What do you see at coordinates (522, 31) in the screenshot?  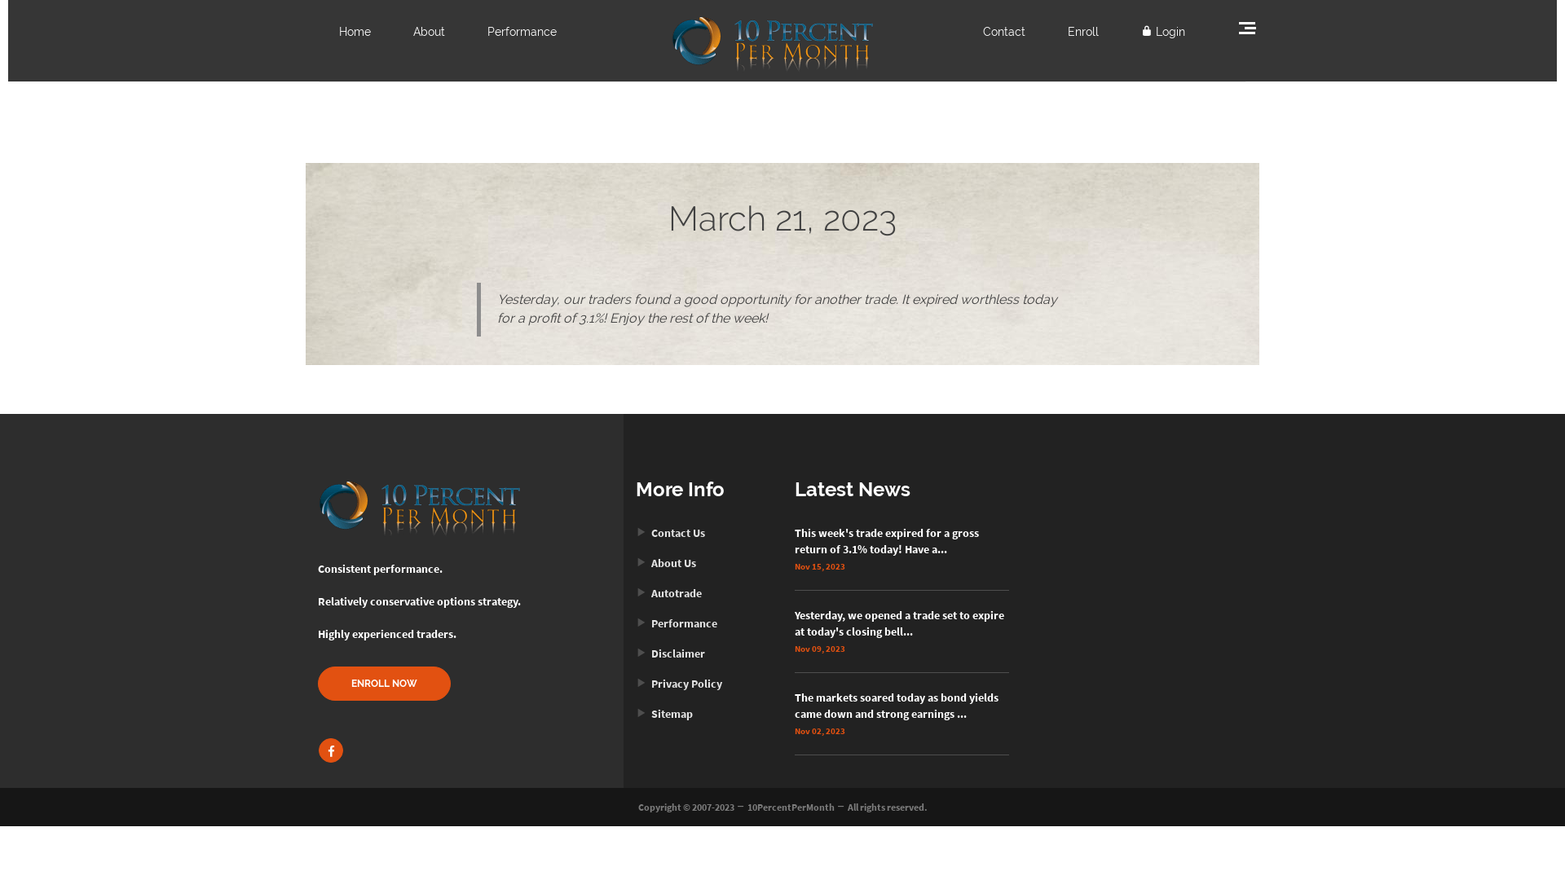 I see `'Performance'` at bounding box center [522, 31].